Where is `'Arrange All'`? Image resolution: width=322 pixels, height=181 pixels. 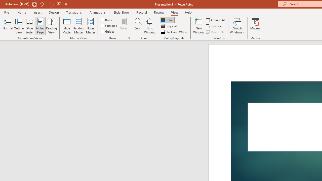
'Arrange All' is located at coordinates (216, 20).